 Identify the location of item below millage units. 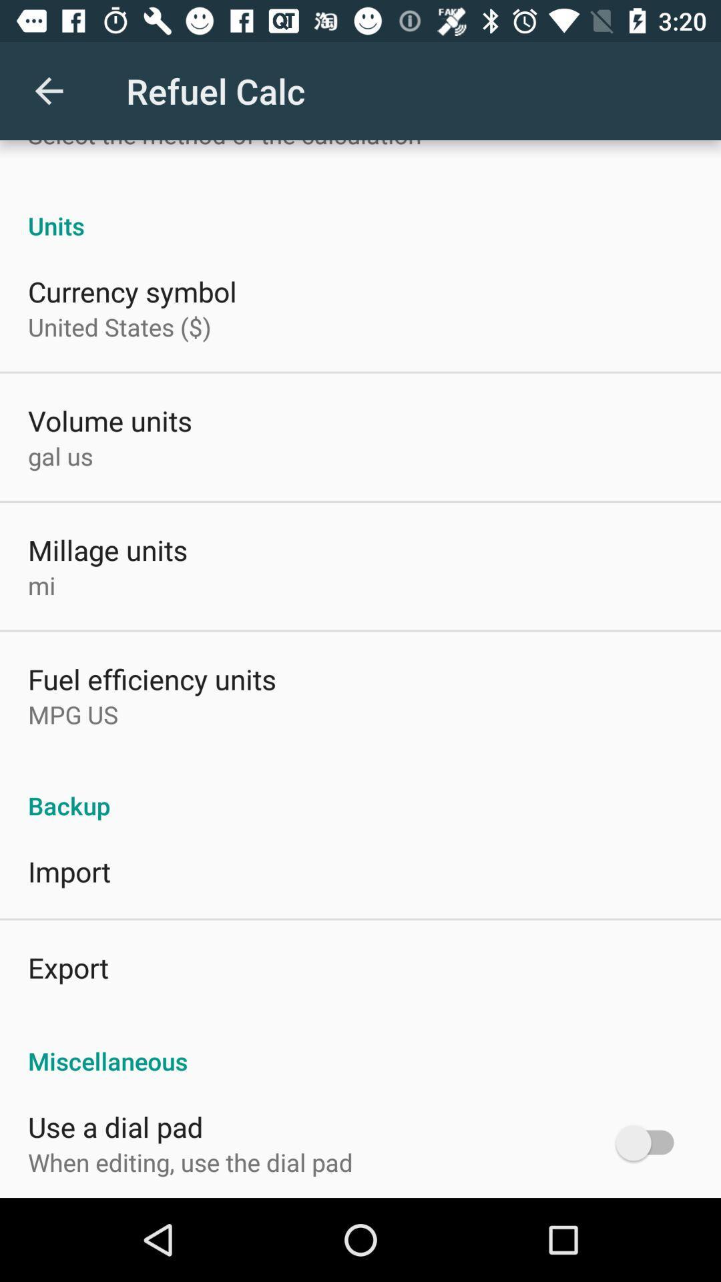
(41, 585).